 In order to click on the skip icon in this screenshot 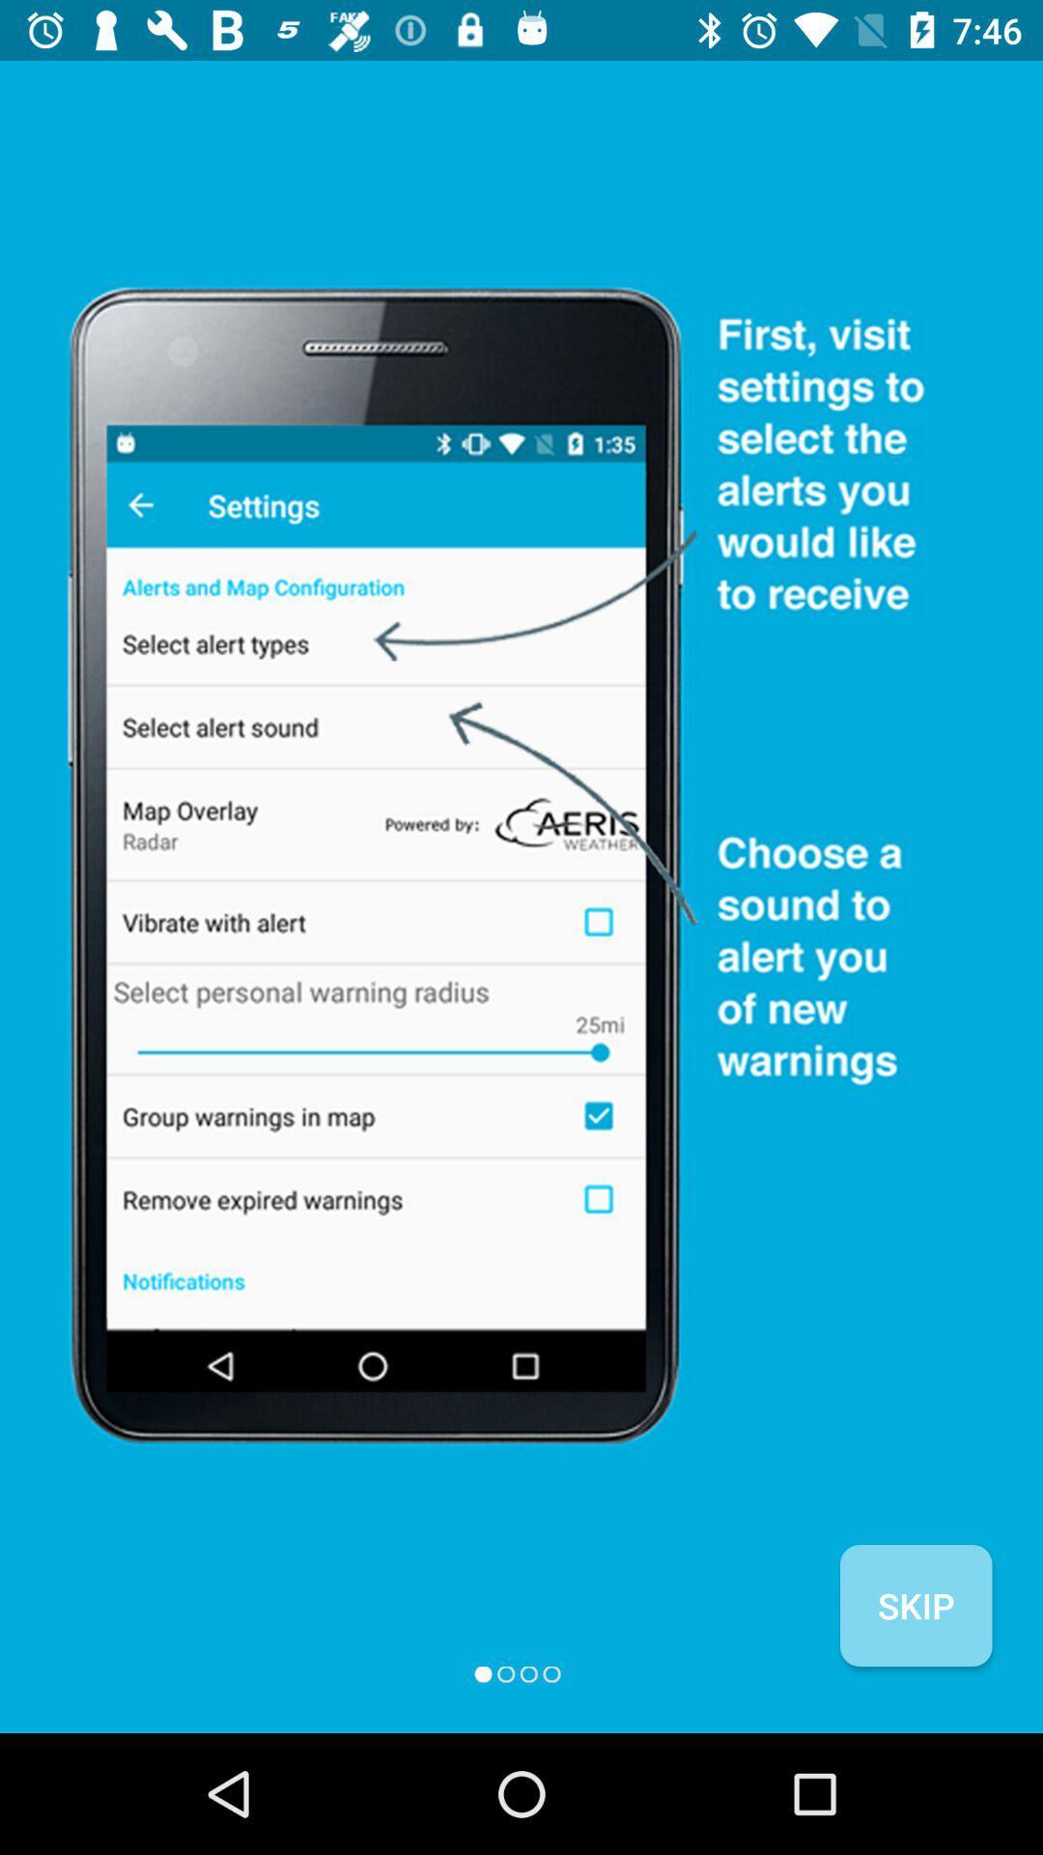, I will do `click(915, 1605)`.